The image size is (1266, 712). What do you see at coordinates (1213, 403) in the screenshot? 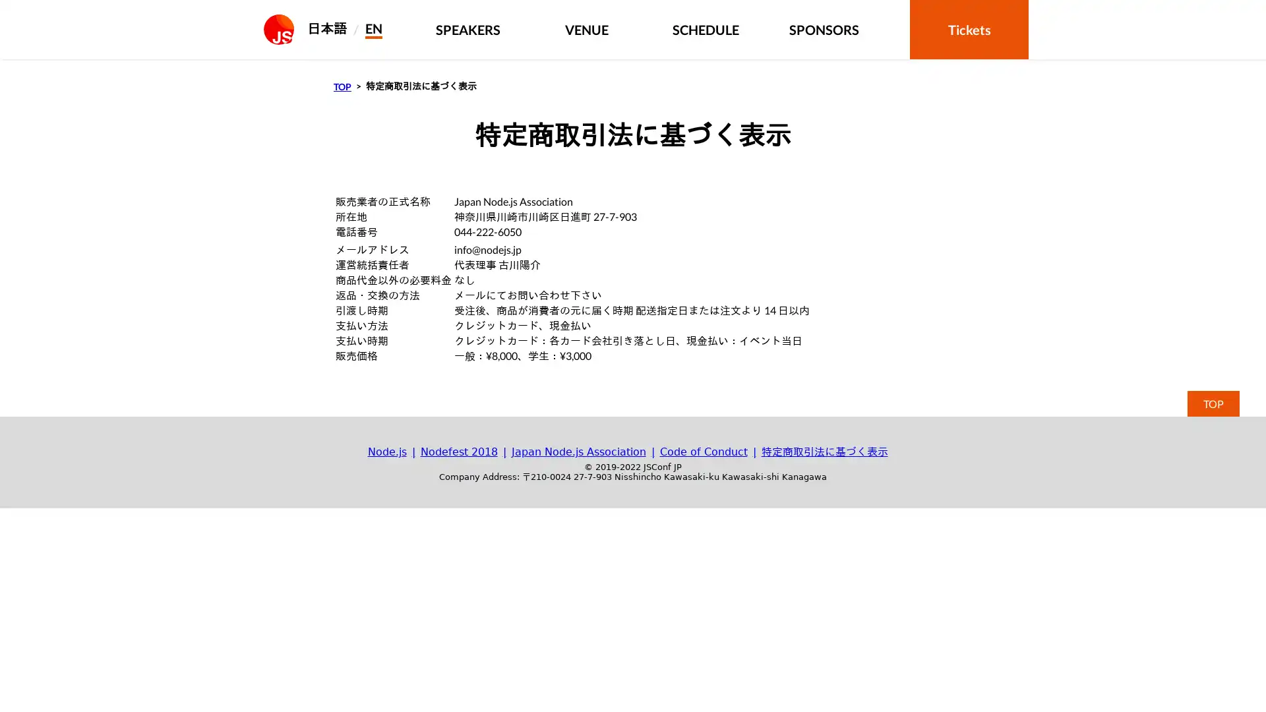
I see `TOP` at bounding box center [1213, 403].